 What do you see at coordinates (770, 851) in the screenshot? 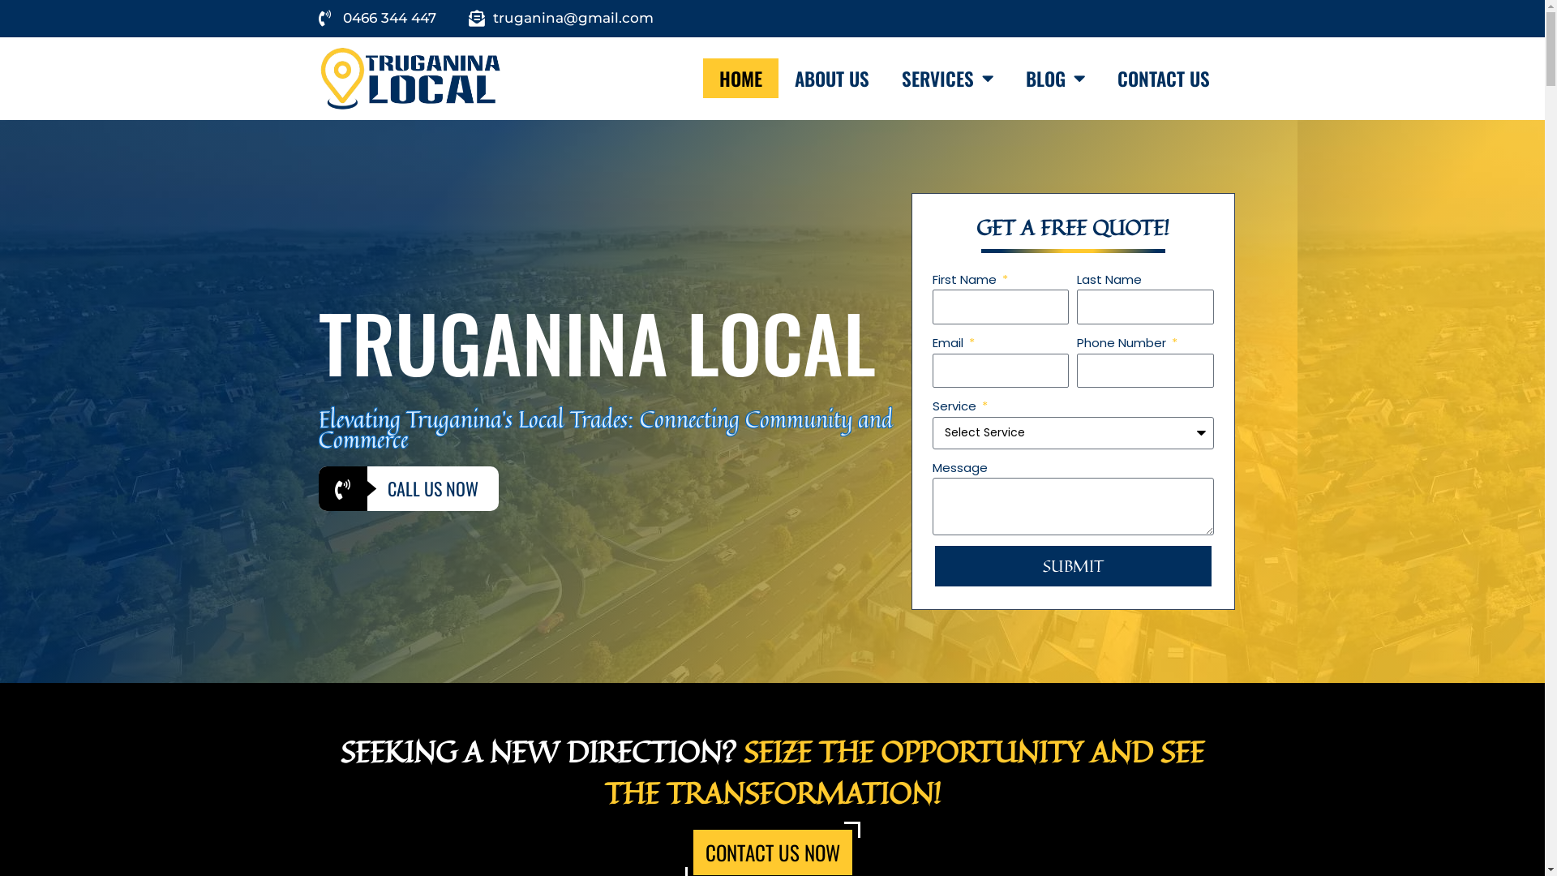
I see `'CONTACT US NOW'` at bounding box center [770, 851].